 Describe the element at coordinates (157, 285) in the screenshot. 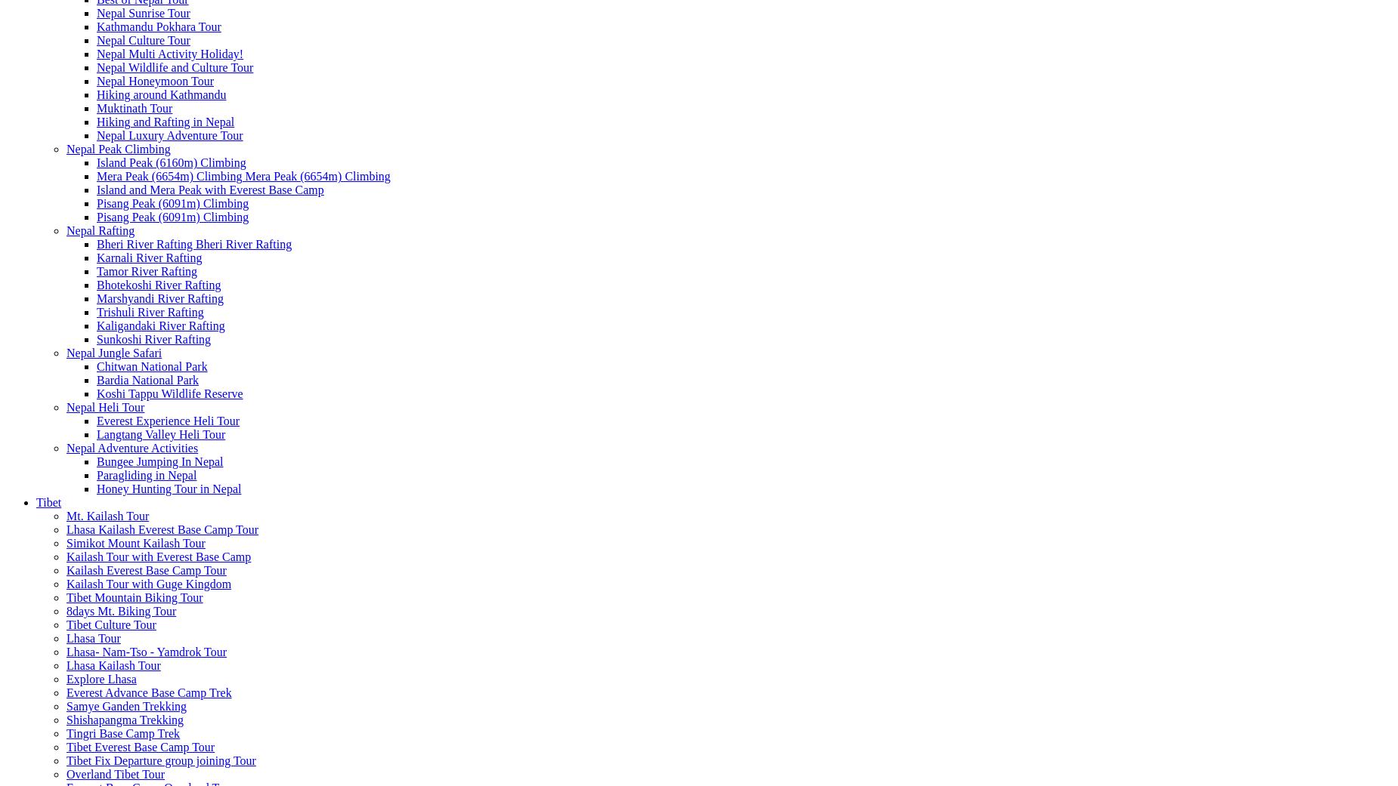

I see `'Bhotekoshi River Rafting'` at that location.